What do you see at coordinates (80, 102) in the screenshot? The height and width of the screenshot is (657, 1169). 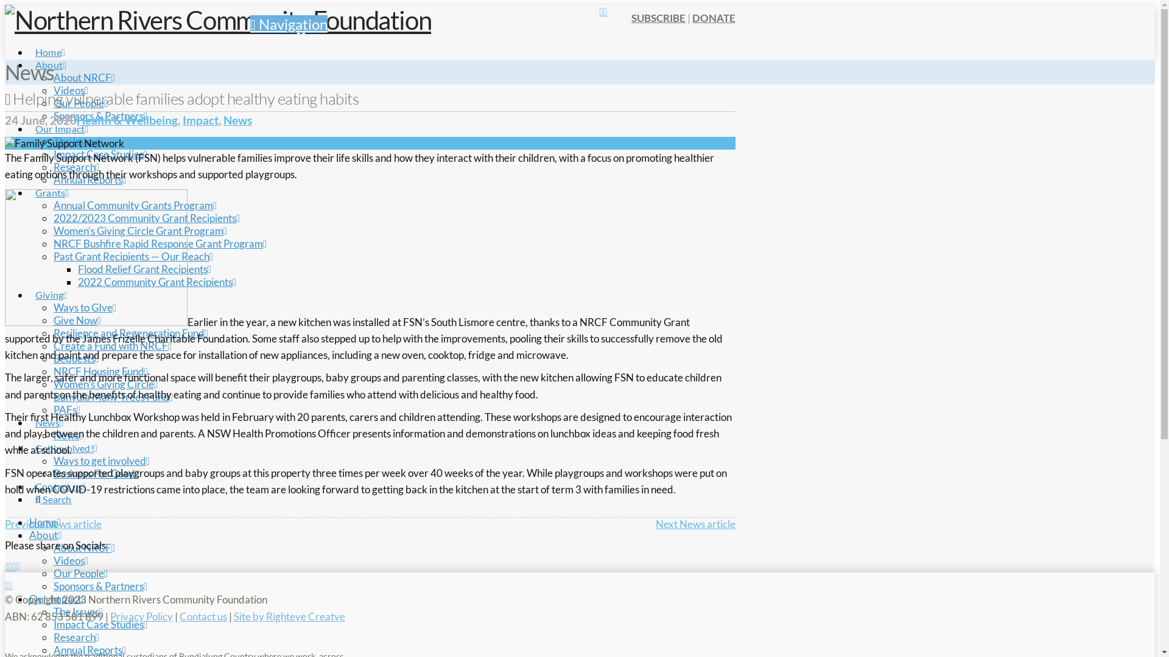 I see `'Our People'` at bounding box center [80, 102].